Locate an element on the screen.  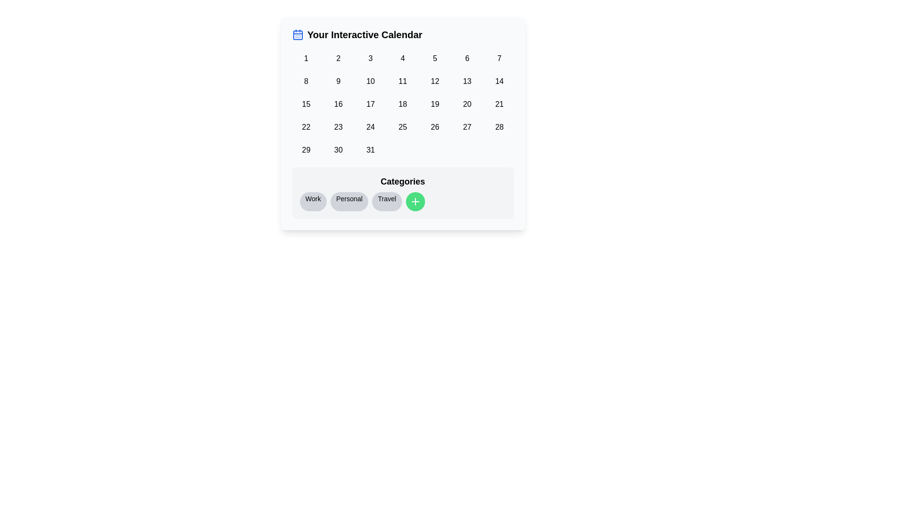
the button displaying the number '9' to change its background color is located at coordinates (338, 81).